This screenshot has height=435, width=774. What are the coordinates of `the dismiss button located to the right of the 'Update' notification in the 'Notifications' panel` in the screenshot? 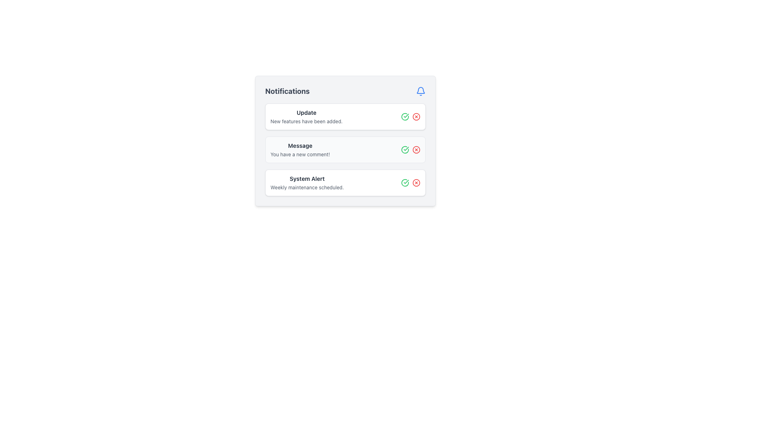 It's located at (416, 116).